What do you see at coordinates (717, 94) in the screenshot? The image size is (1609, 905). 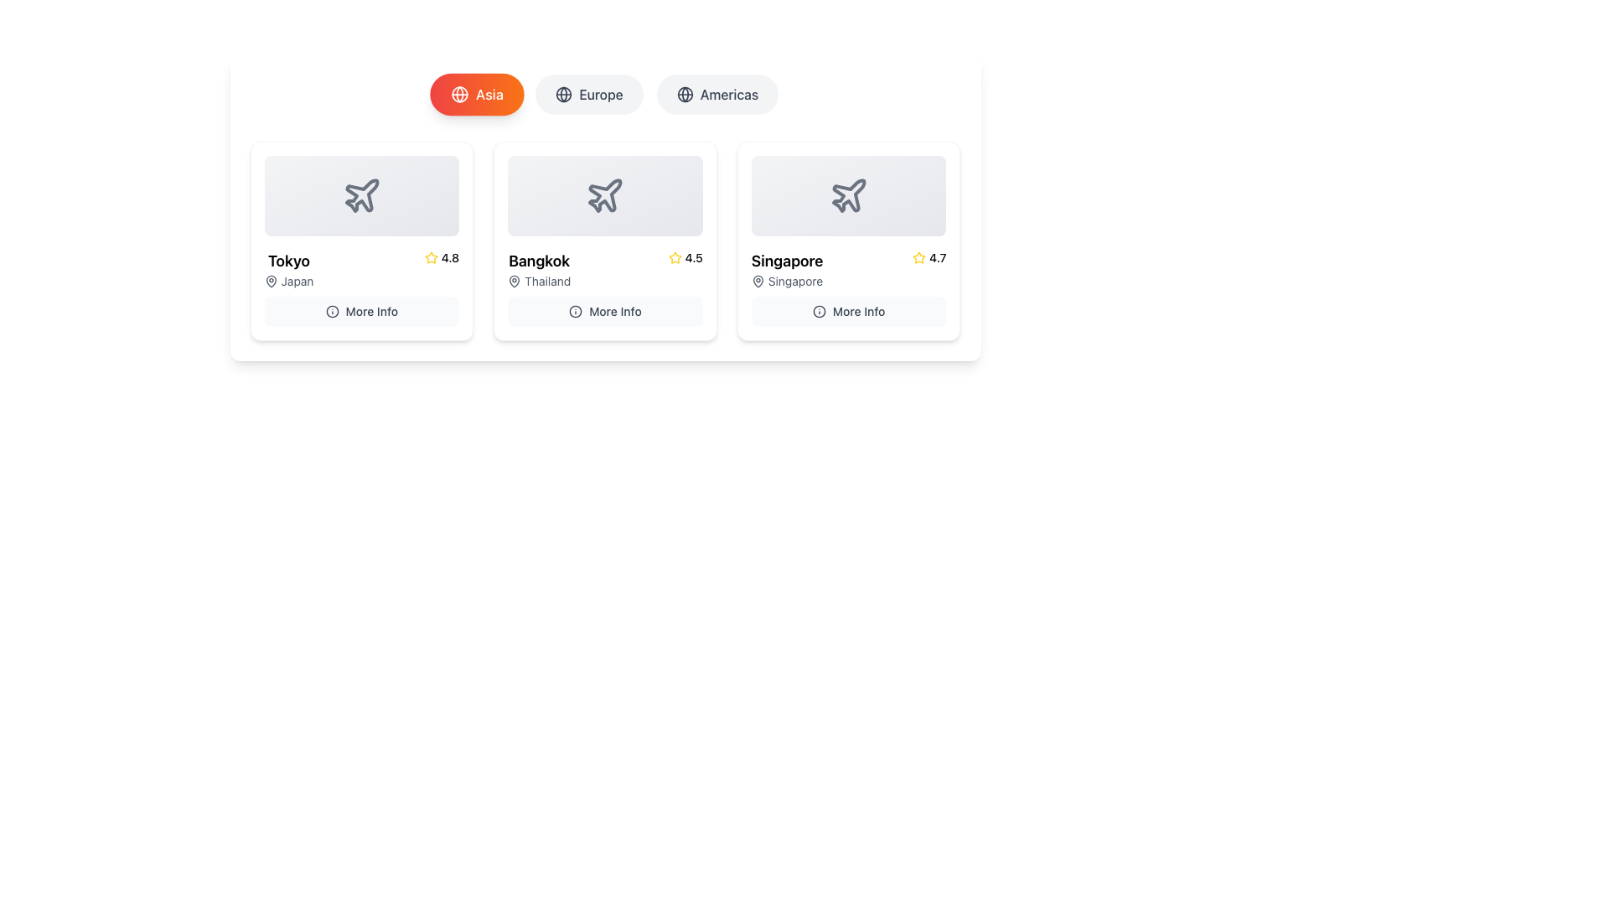 I see `the 'Americas' button, which is a rounded button with a grayish-white background and a globe icon on the left` at bounding box center [717, 94].